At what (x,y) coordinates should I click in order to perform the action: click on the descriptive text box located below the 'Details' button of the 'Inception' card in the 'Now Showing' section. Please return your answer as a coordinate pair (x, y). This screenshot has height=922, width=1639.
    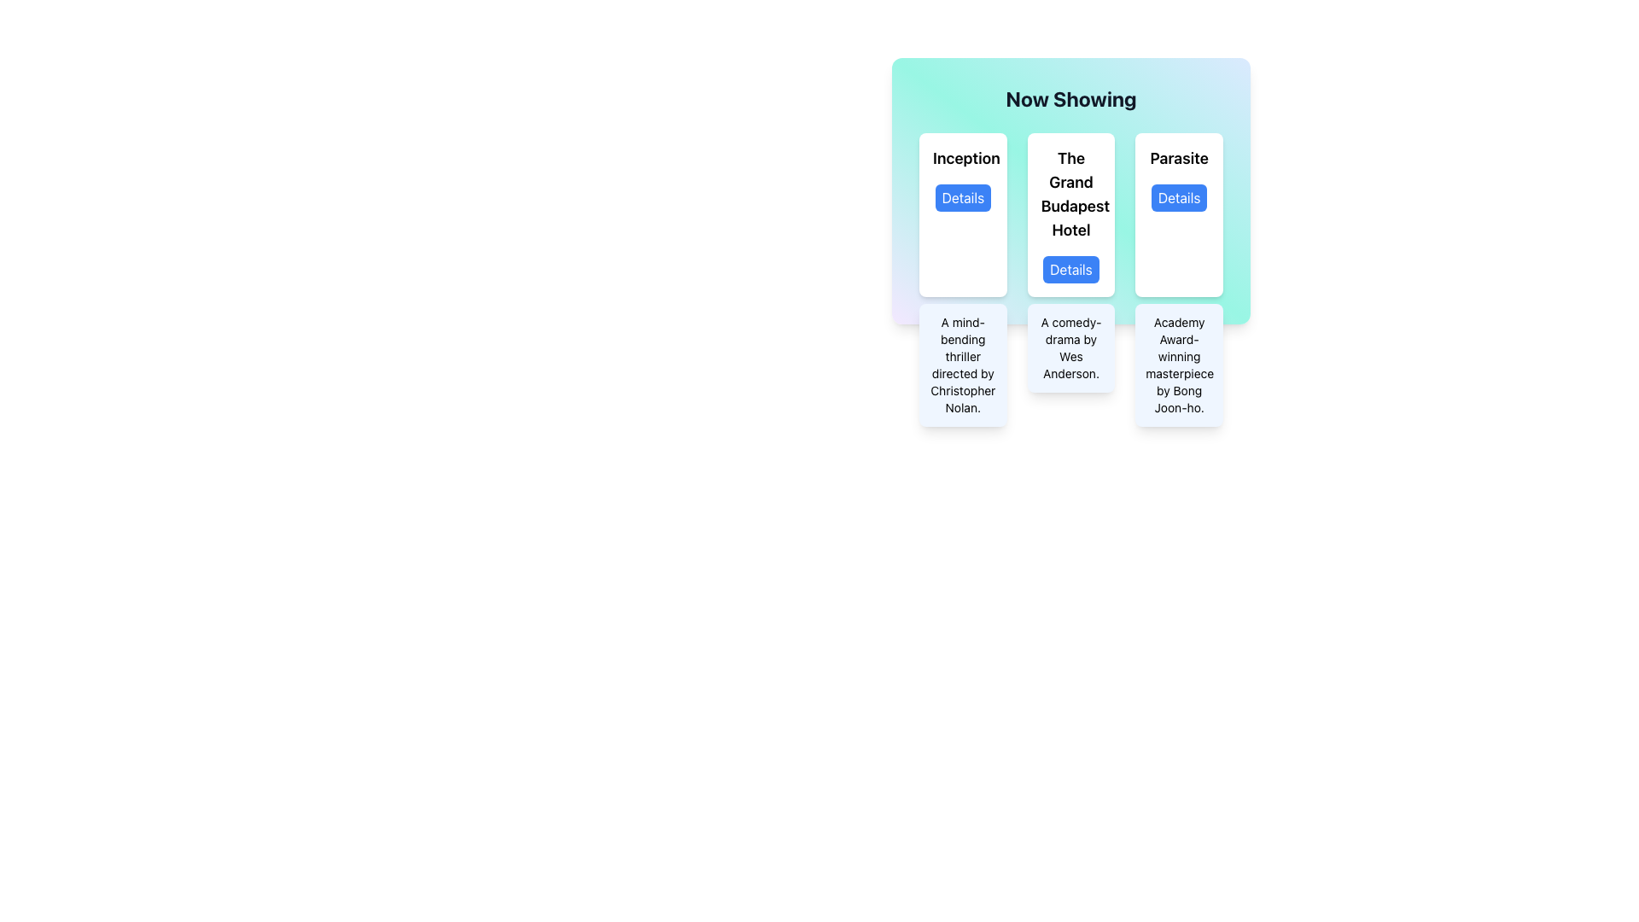
    Looking at the image, I should click on (963, 365).